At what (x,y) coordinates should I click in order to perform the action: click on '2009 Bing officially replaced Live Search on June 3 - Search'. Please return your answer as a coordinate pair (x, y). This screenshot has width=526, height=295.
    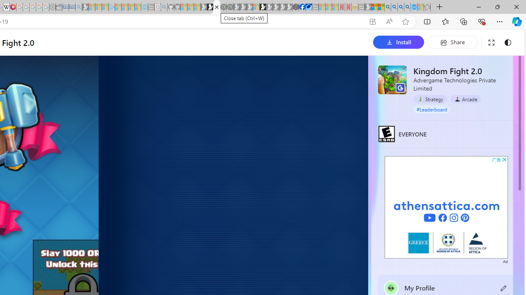
    Looking at the image, I should click on (394, 7).